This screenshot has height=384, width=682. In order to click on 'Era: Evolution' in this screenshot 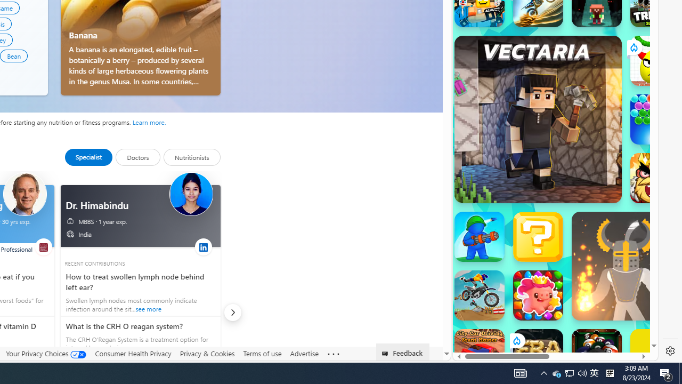, I will do `click(538, 354)`.